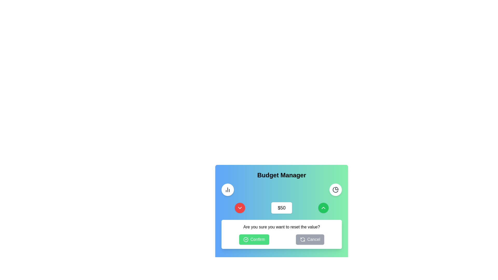 Image resolution: width=498 pixels, height=280 pixels. What do you see at coordinates (336, 190) in the screenshot?
I see `the first circular icon beneath the 'Budget Manager' title` at bounding box center [336, 190].